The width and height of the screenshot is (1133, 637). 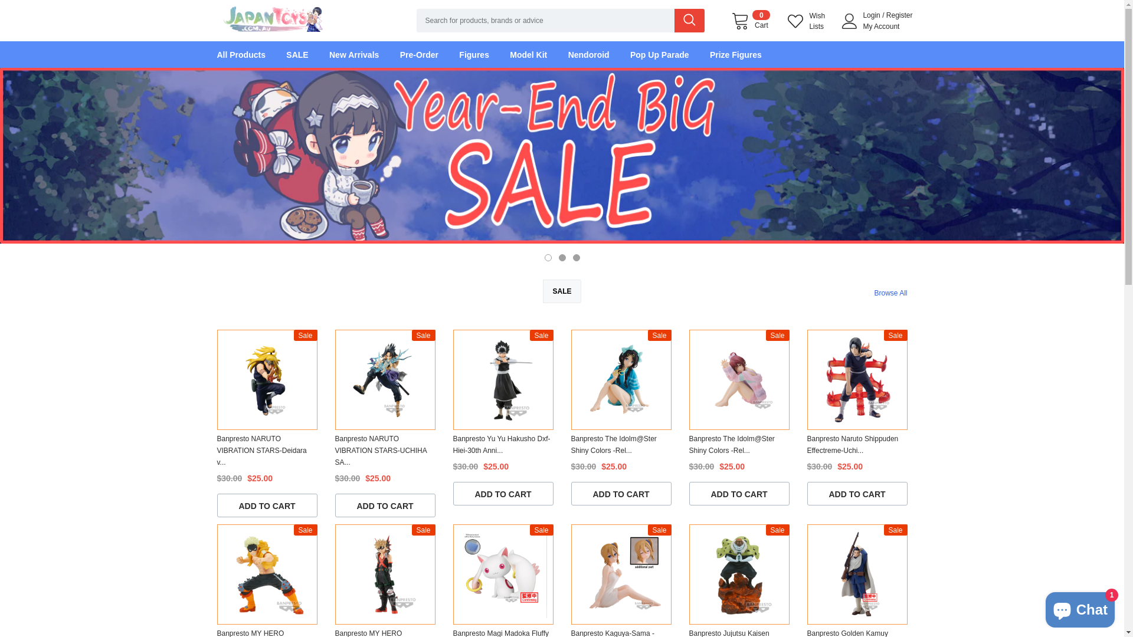 I want to click on 'Banpresto NARUTO VIBRATION STARS-UCHIHA SA...', so click(x=334, y=450).